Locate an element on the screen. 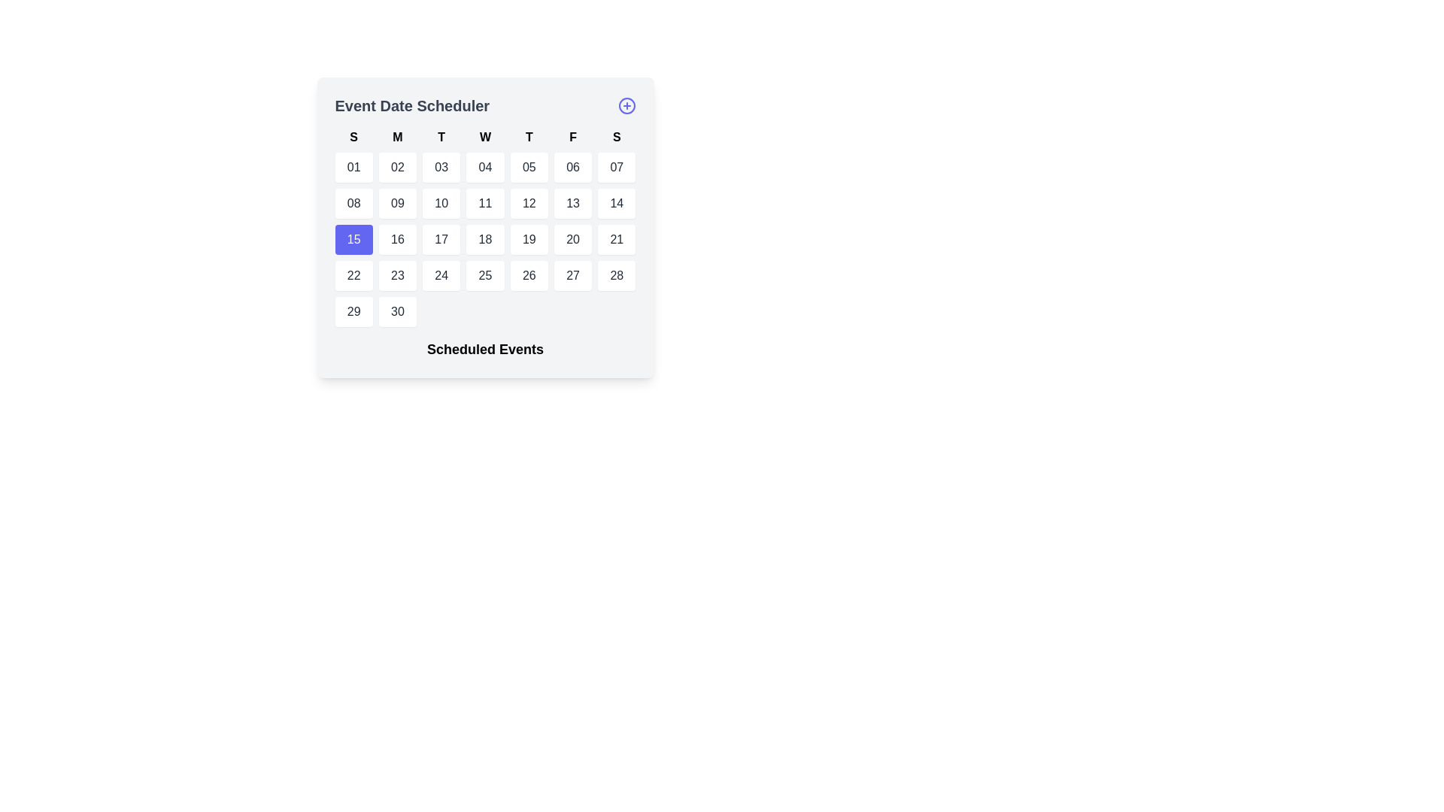 The width and height of the screenshot is (1444, 812). the 'Friday' label in the calendar interface, which is positioned in the top row of the grid, sixth from the left is located at coordinates (572, 137).